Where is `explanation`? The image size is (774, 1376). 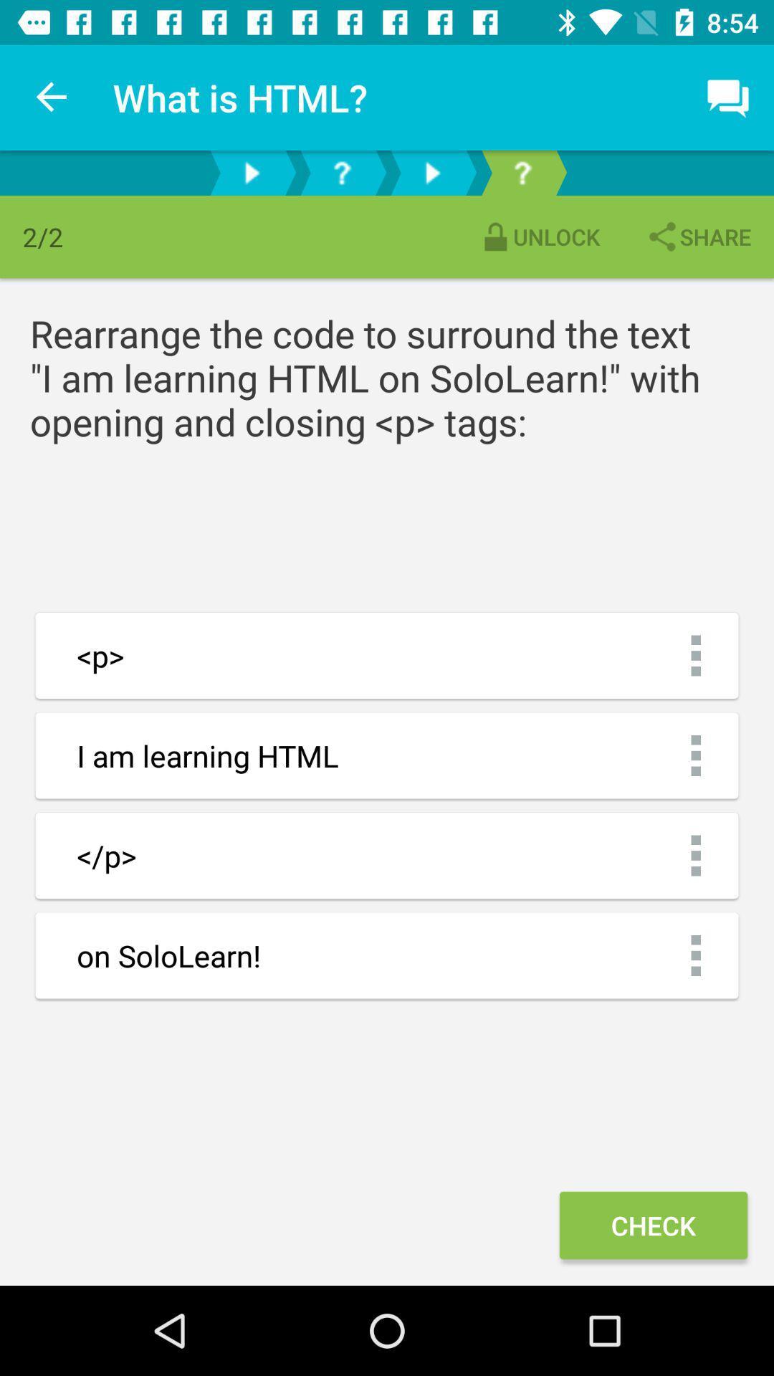
explanation is located at coordinates (522, 172).